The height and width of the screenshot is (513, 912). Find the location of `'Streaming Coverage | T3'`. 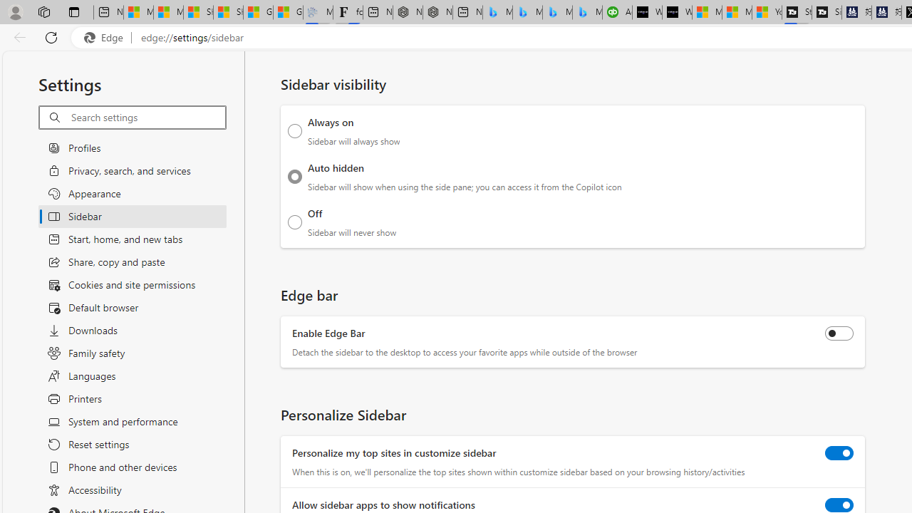

'Streaming Coverage | T3' is located at coordinates (796, 12).